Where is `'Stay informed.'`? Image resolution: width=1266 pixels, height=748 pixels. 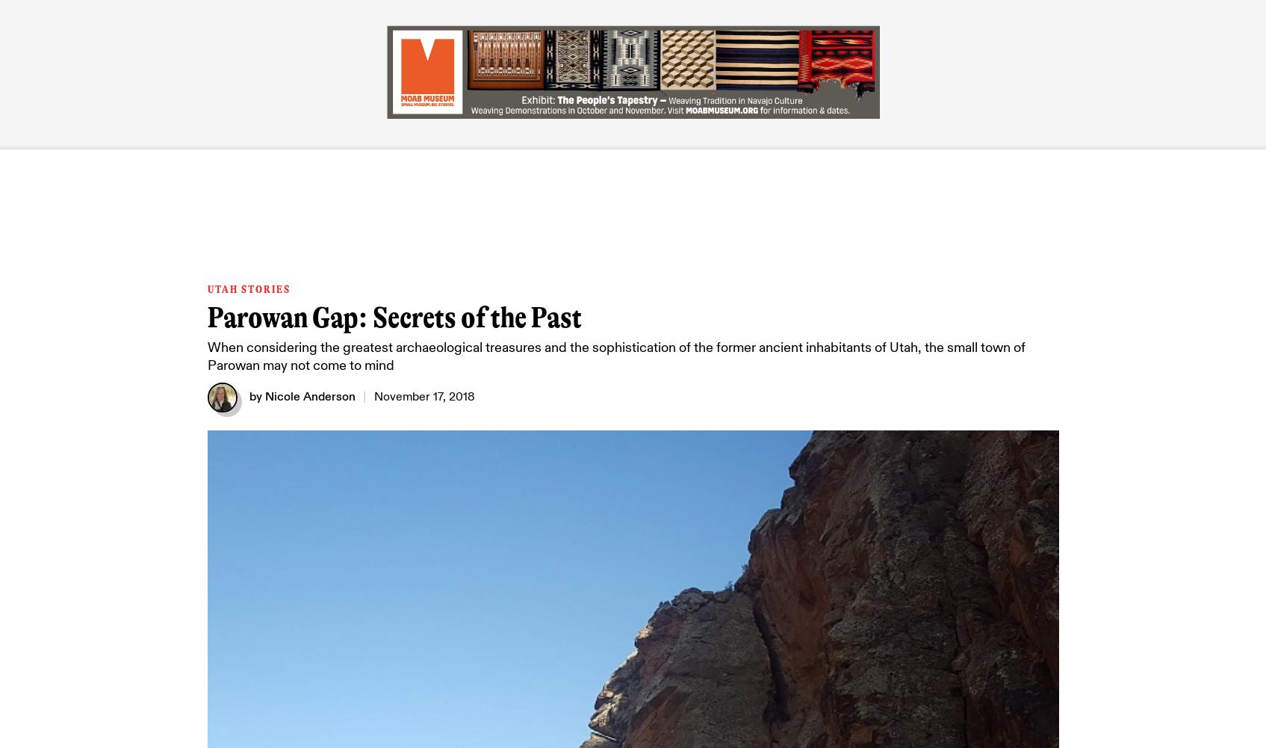
'Stay informed.' is located at coordinates (669, 338).